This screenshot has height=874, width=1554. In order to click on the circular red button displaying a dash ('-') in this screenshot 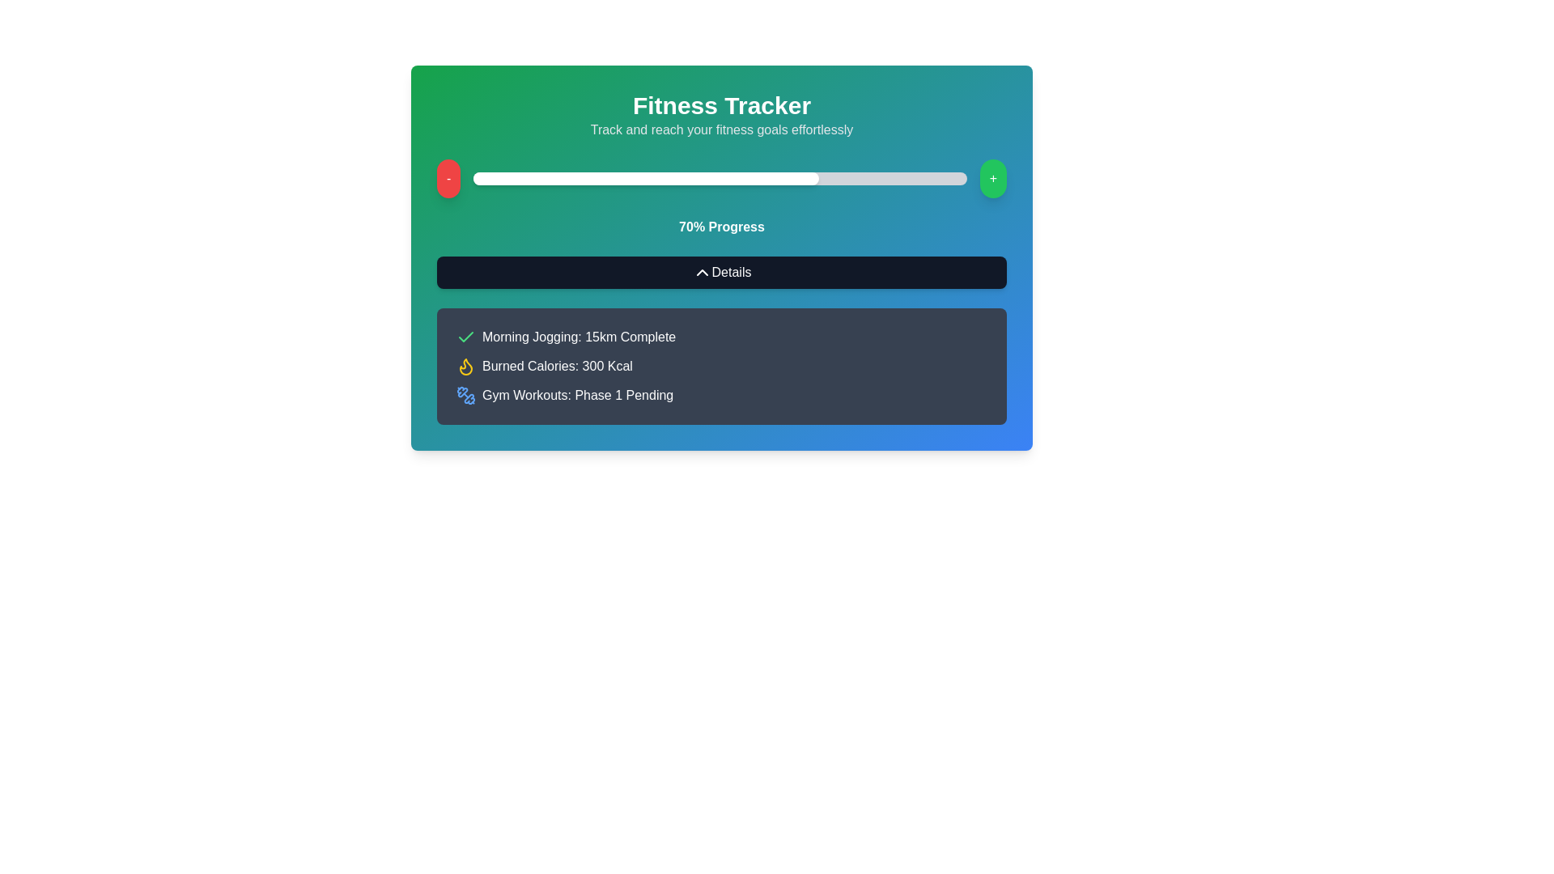, I will do `click(448, 178)`.